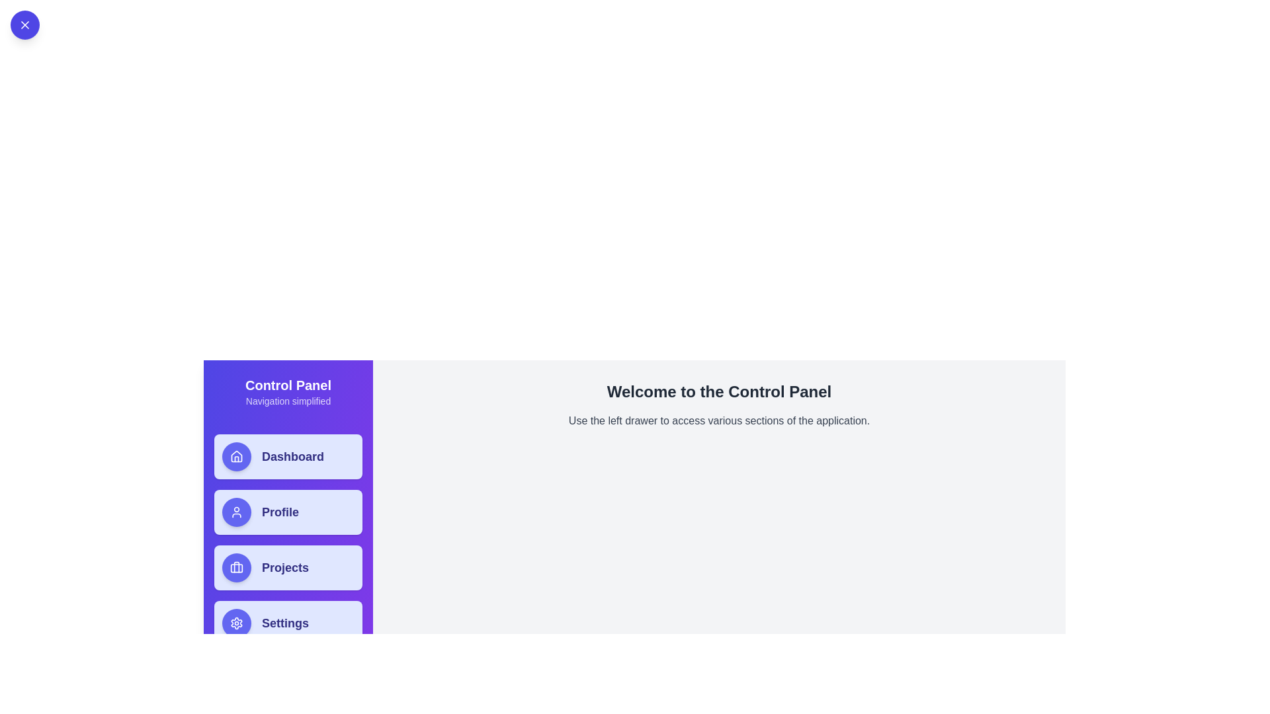 Image resolution: width=1270 pixels, height=714 pixels. Describe the element at coordinates (718, 391) in the screenshot. I see `the main panel text 'Welcome to the Control Panel'` at that location.